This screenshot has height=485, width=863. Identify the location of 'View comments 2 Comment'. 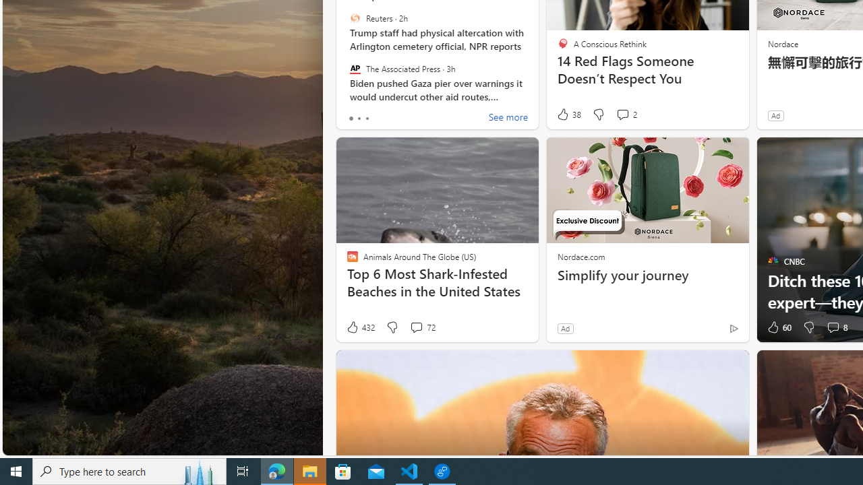
(622, 113).